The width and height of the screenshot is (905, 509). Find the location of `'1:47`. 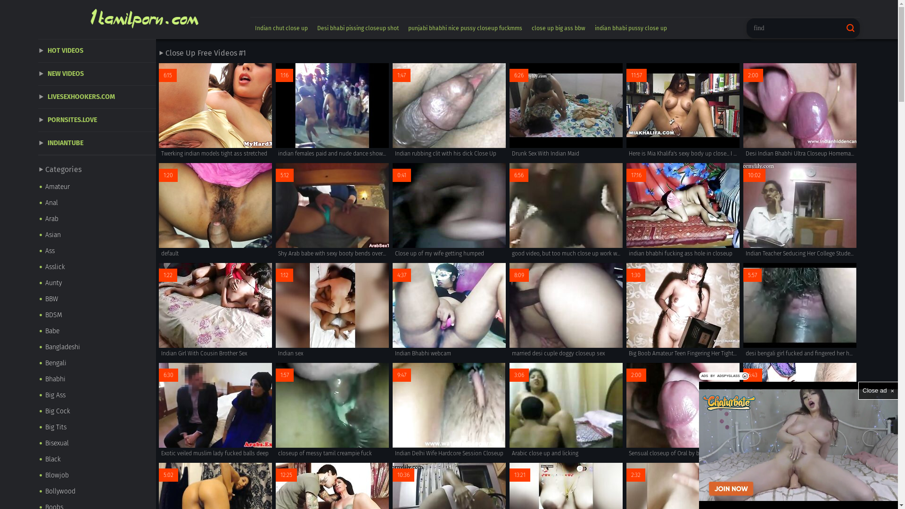

'1:47 is located at coordinates (449, 110).